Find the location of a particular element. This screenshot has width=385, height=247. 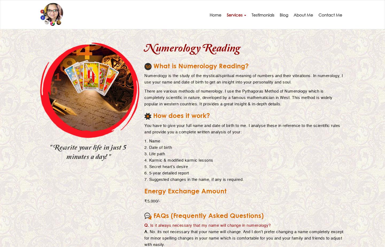

'What is Numerology Reading?' is located at coordinates (200, 67).